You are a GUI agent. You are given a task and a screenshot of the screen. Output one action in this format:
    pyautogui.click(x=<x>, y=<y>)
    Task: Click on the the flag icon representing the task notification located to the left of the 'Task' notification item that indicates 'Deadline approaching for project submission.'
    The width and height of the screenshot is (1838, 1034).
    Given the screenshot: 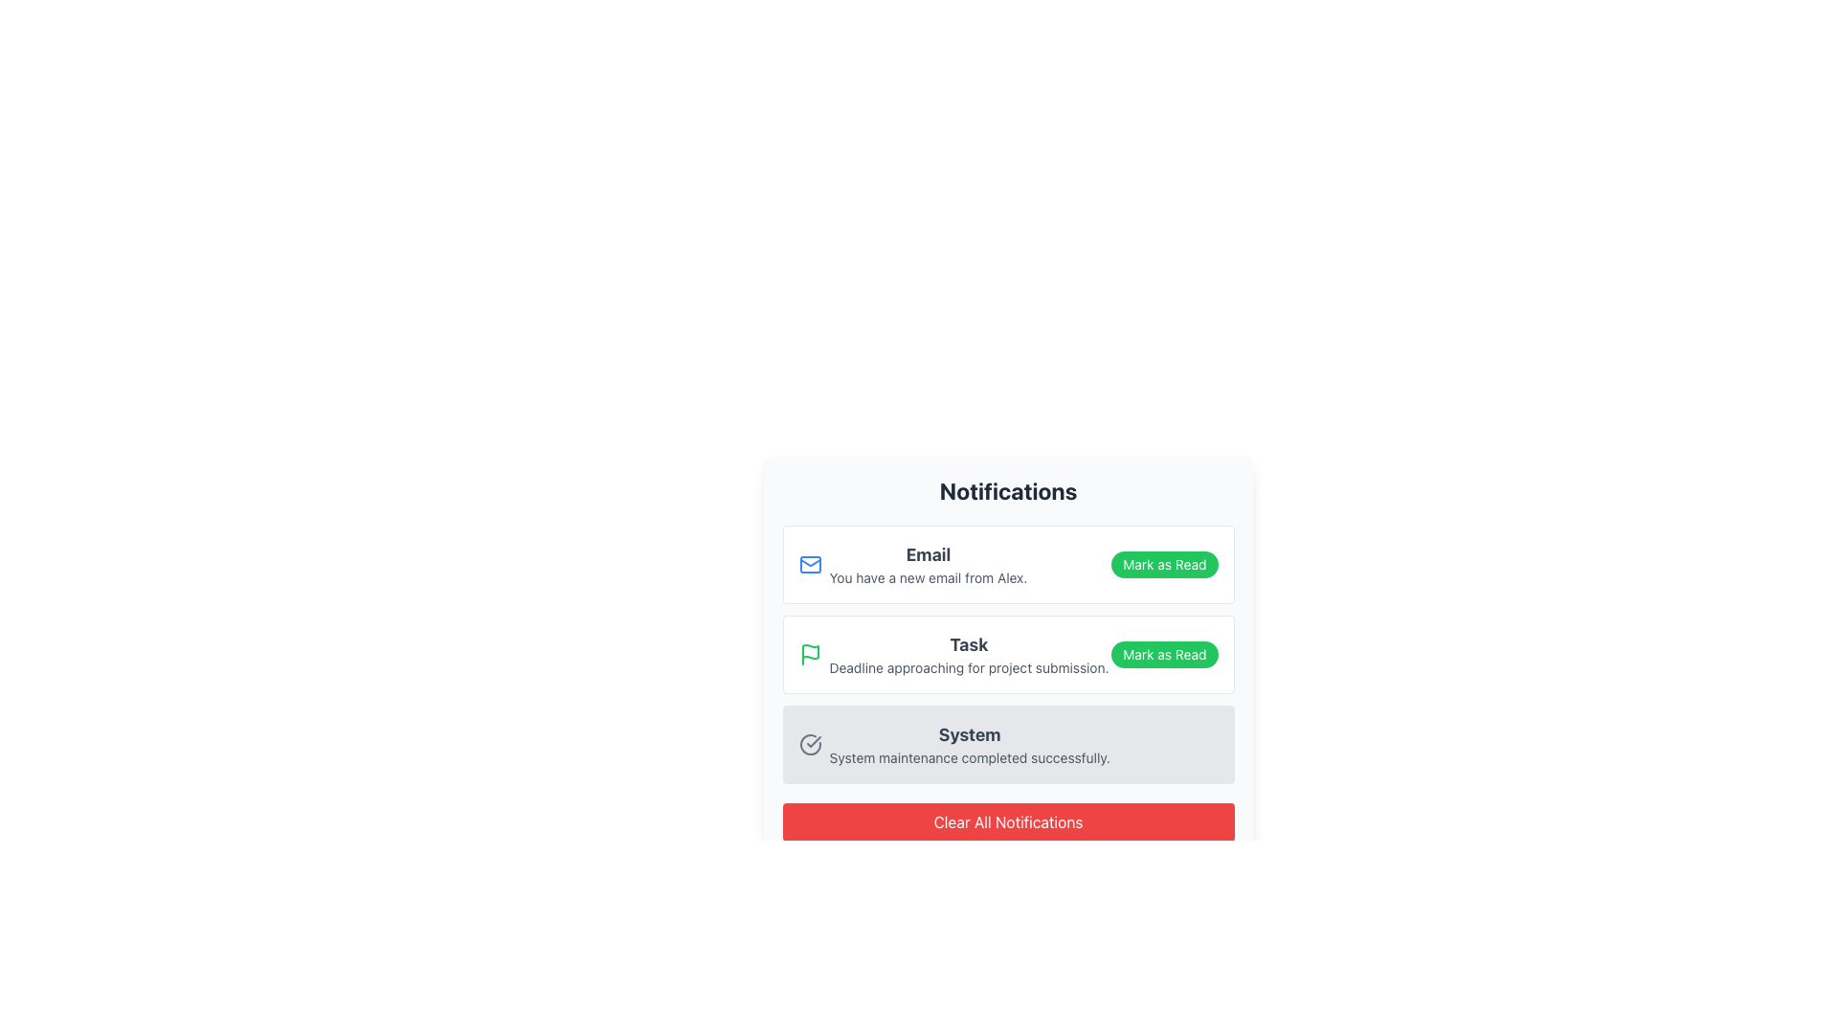 What is the action you would take?
    pyautogui.click(x=810, y=651)
    